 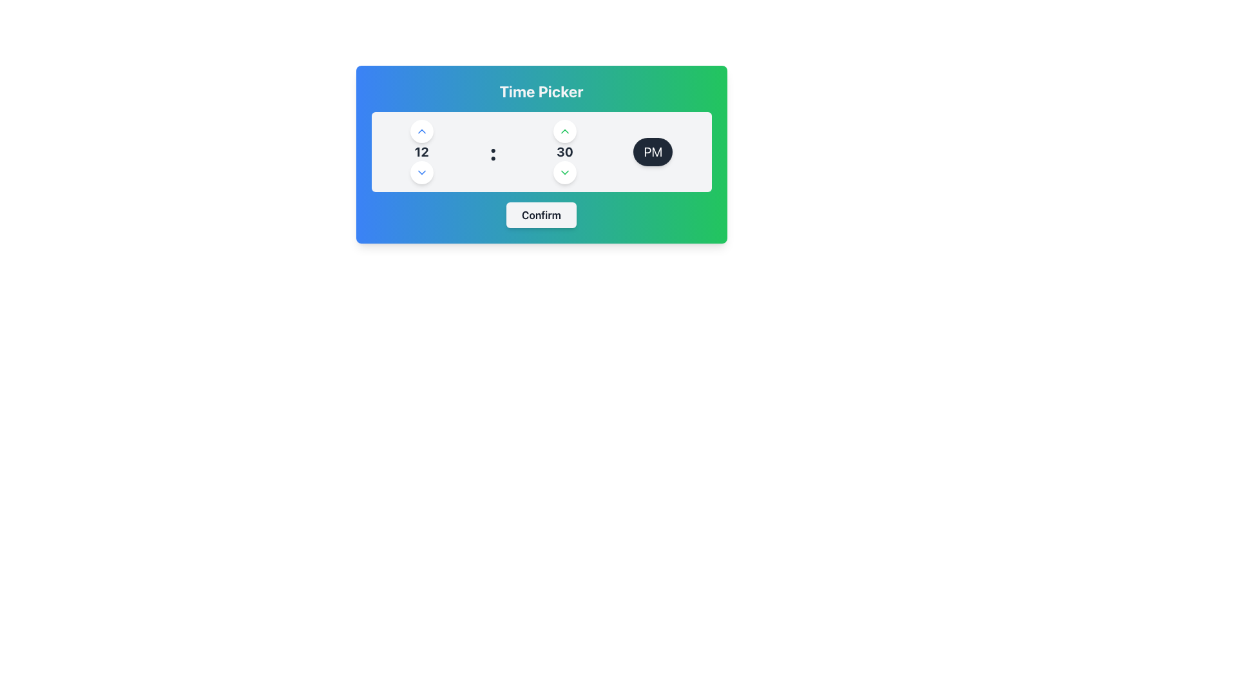 What do you see at coordinates (565, 151) in the screenshot?
I see `the static text element displaying '30', which is part of the time picker interface representing the minutes field, located in the middle-right section between the hours field and the AM/PM selector` at bounding box center [565, 151].